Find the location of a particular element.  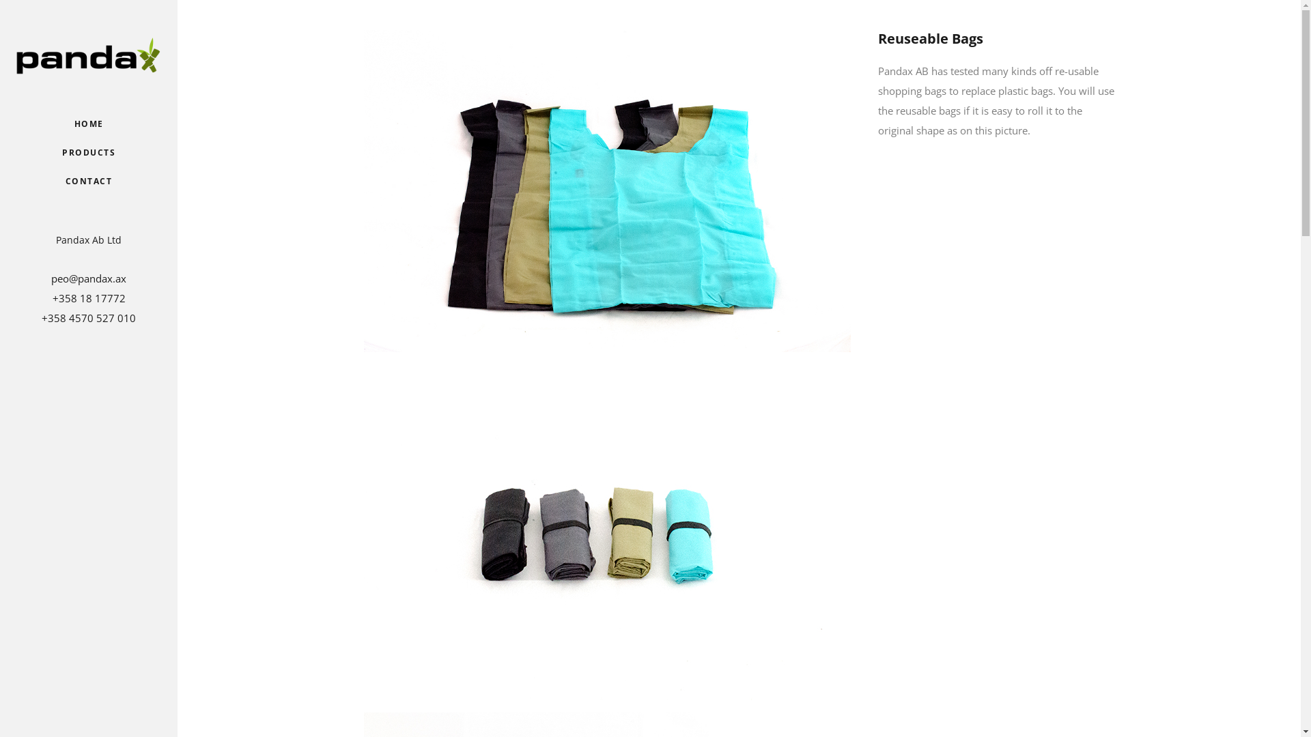

'peo@pandax.ax' is located at coordinates (87, 278).